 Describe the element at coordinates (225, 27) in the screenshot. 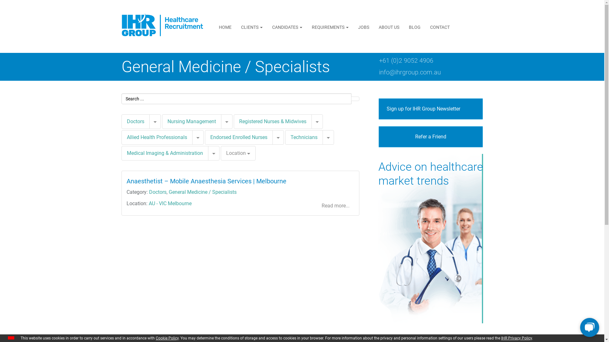

I see `'HOME'` at that location.